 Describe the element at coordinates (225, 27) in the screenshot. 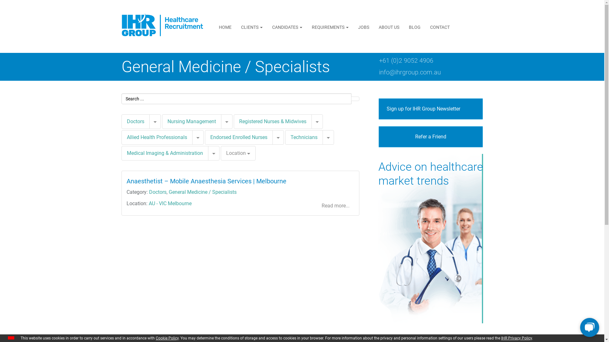

I see `'HOME'` at that location.